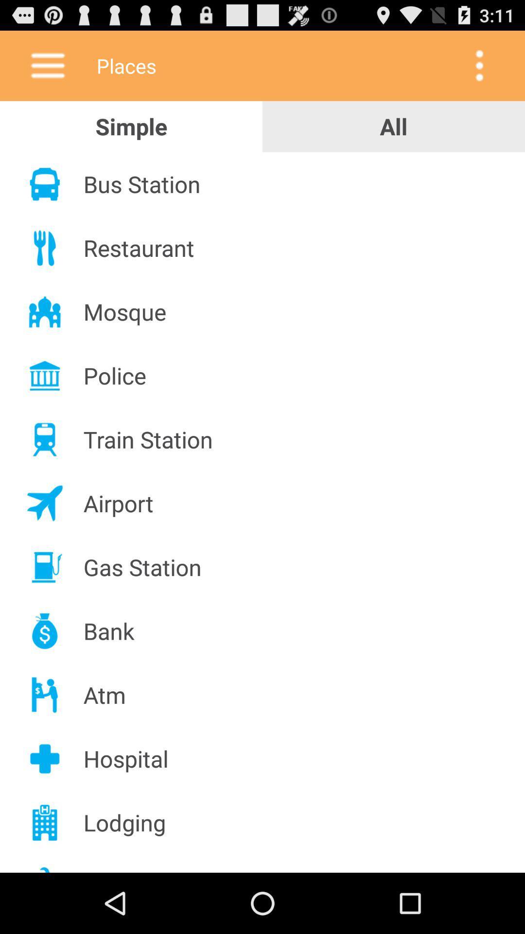 The image size is (525, 934). Describe the element at coordinates (45, 248) in the screenshot. I see `the symbol left to restaurant` at that location.